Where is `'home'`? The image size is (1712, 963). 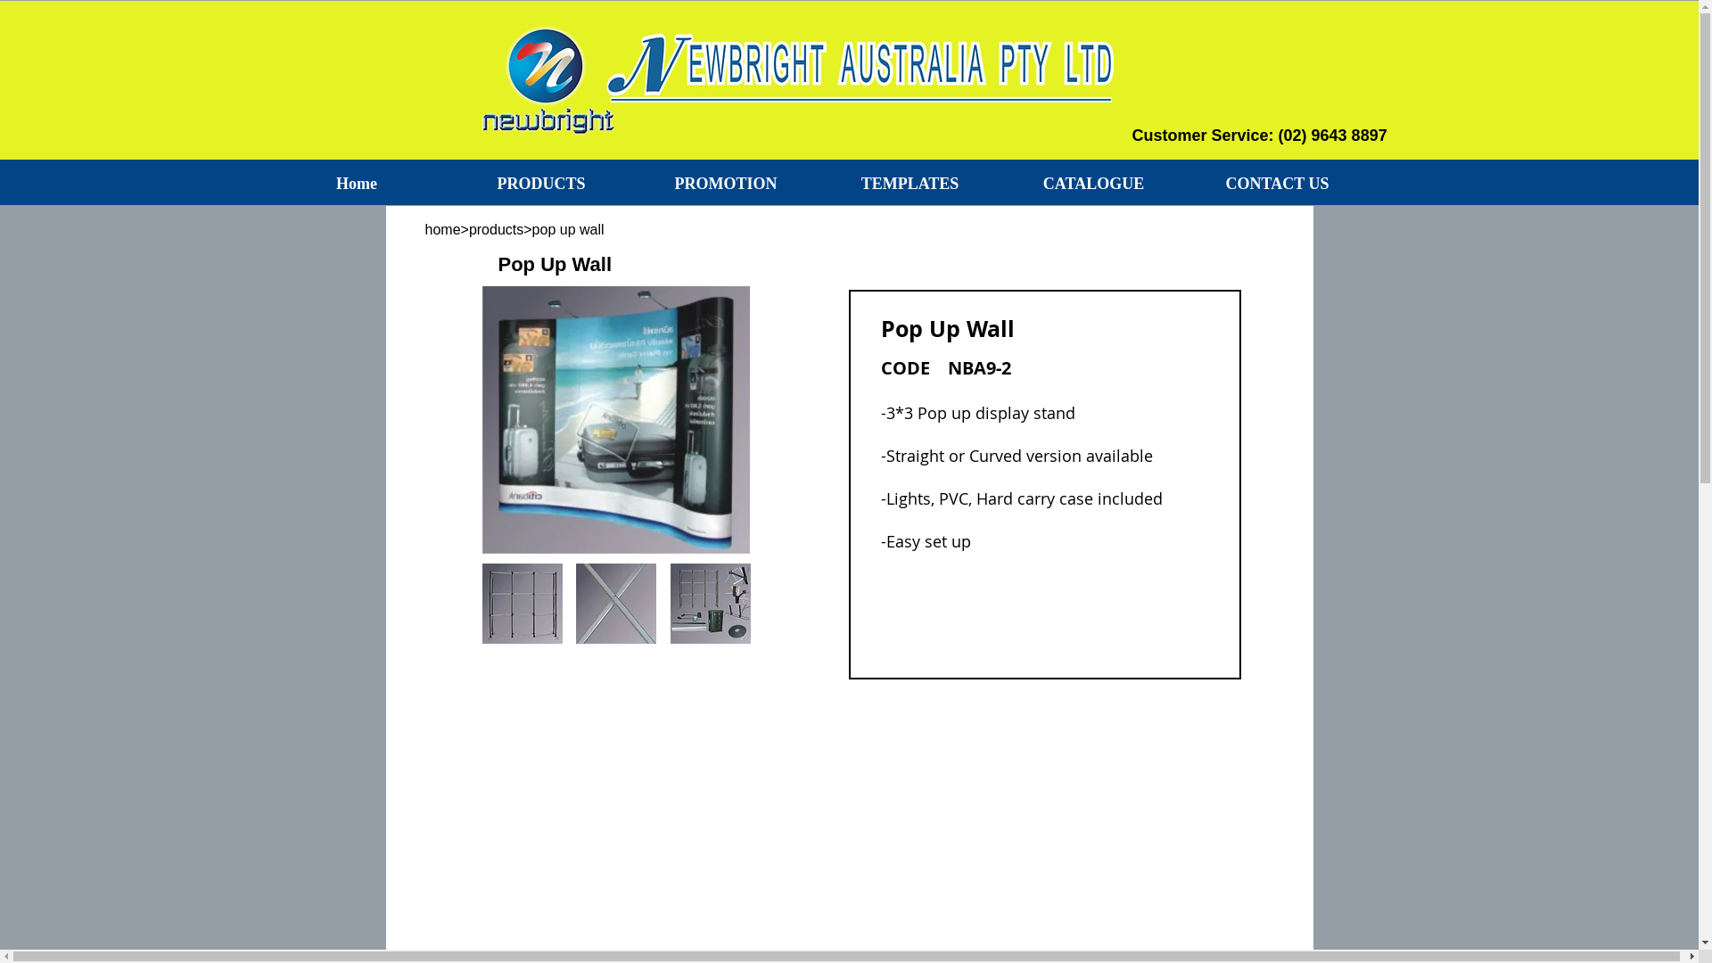 'home' is located at coordinates (423, 228).